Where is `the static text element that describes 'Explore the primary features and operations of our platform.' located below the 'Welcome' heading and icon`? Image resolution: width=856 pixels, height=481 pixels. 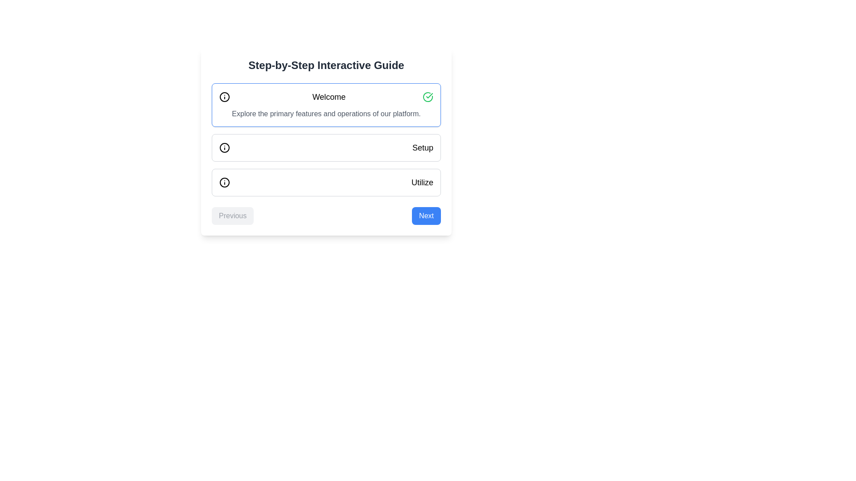
the static text element that describes 'Explore the primary features and operations of our platform.' located below the 'Welcome' heading and icon is located at coordinates (325, 113).